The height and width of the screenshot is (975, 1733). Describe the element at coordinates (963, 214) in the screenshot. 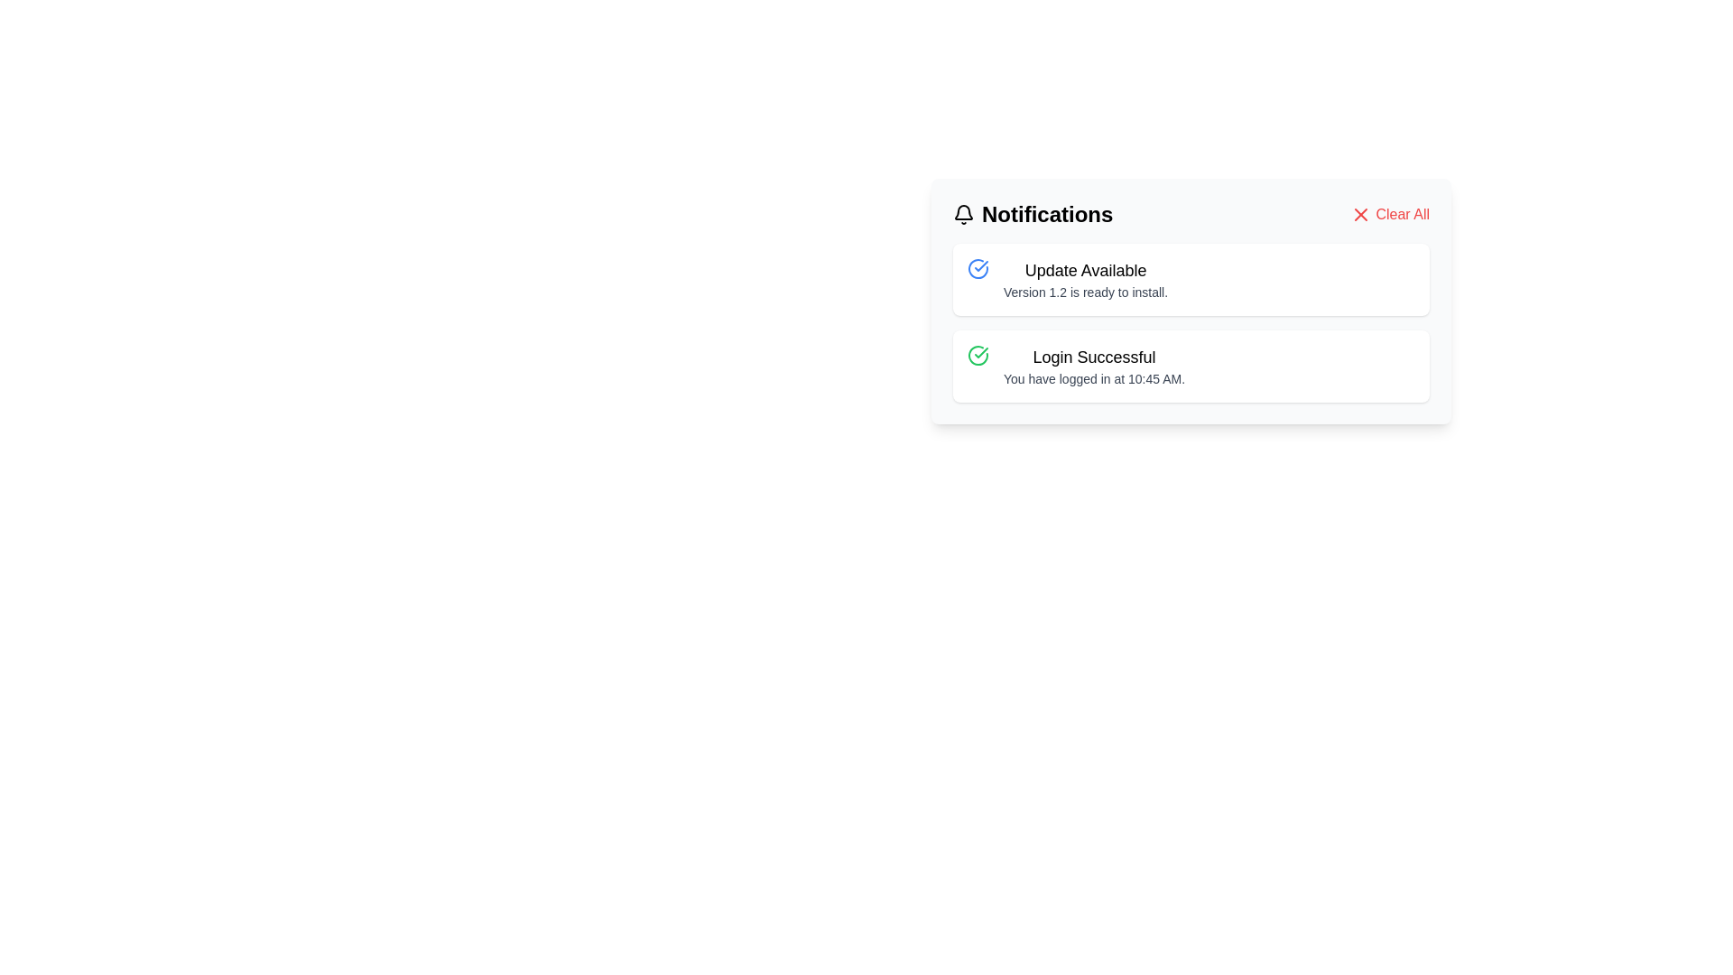

I see `the bell-shaped notification icon located at the top left of the 'Notifications' header section` at that location.